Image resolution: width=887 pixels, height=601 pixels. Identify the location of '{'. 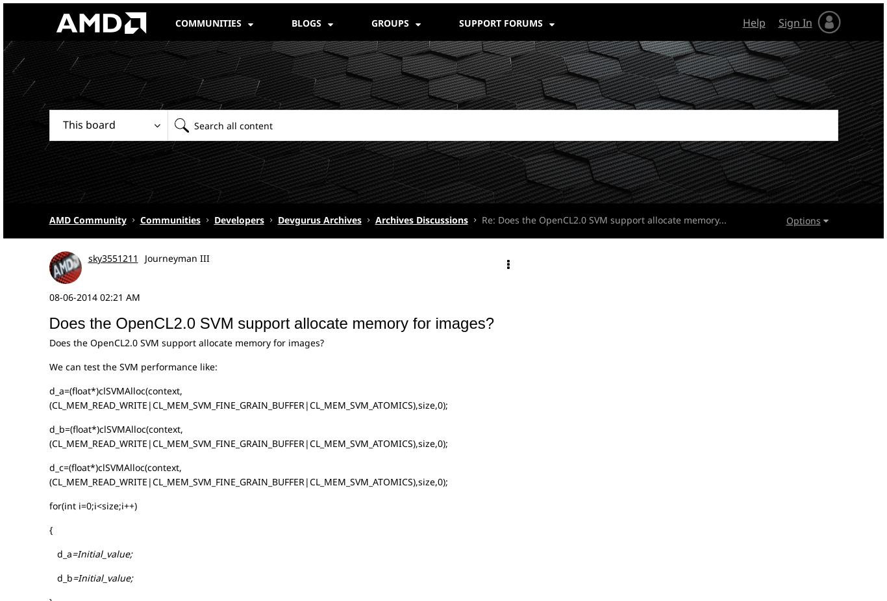
(50, 529).